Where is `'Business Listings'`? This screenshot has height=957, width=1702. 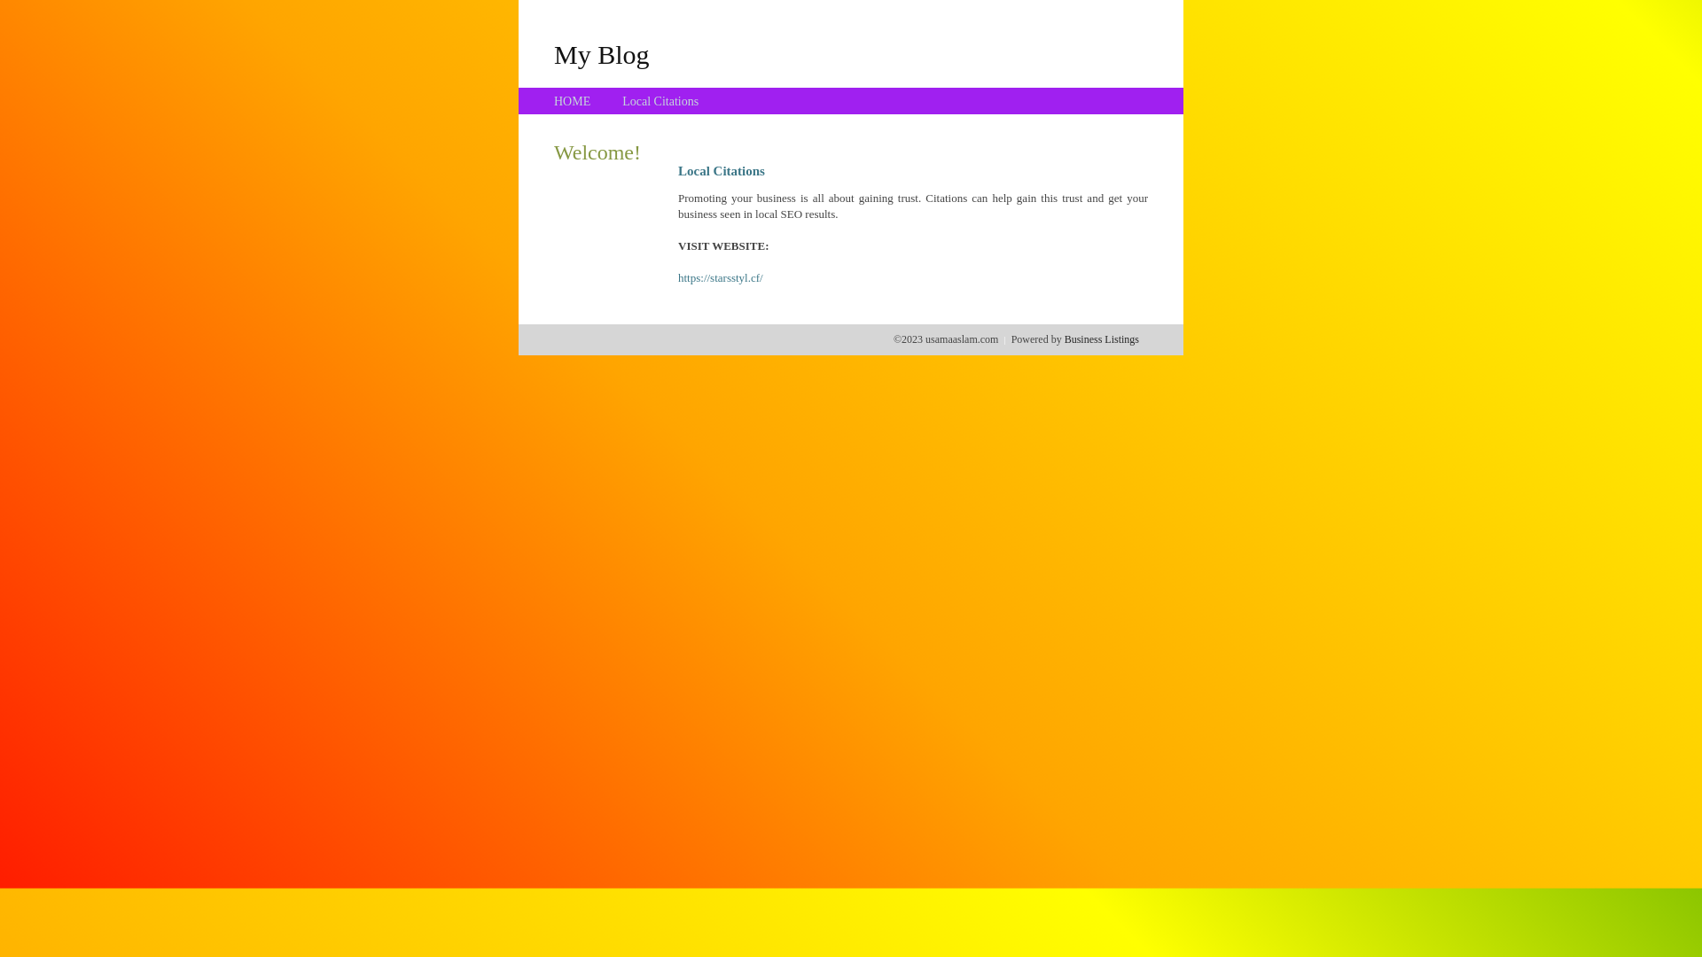 'Business Listings' is located at coordinates (1101, 338).